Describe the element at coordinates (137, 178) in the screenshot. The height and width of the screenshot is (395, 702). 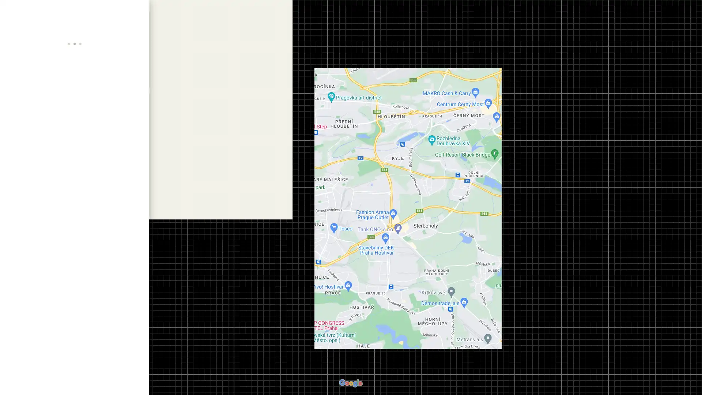
I see `Copy address` at that location.